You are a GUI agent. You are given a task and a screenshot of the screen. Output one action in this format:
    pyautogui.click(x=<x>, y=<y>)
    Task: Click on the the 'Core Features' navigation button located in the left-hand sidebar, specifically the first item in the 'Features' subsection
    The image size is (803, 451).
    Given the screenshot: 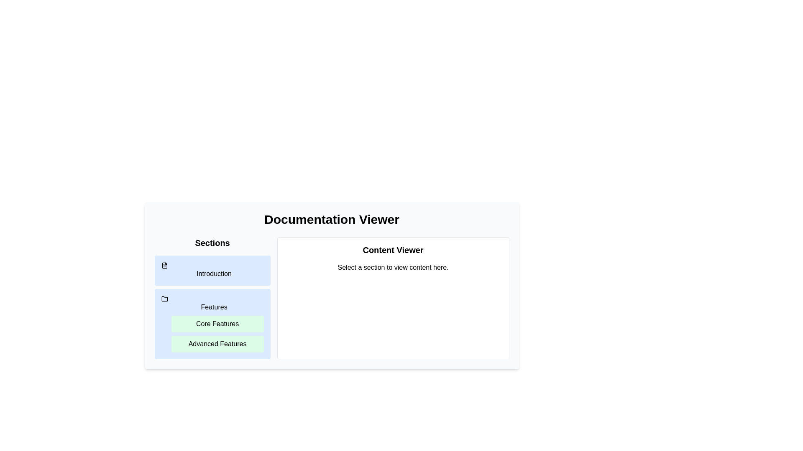 What is the action you would take?
    pyautogui.click(x=217, y=323)
    